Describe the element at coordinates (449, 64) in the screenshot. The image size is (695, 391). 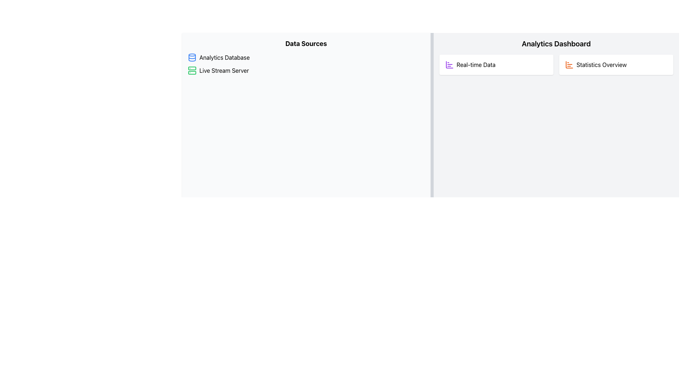
I see `the main vertical bar of the 'bar chart' icon within the 'Real-time Data' button located in the upper section of the 'Analytics Dashboard' column` at that location.